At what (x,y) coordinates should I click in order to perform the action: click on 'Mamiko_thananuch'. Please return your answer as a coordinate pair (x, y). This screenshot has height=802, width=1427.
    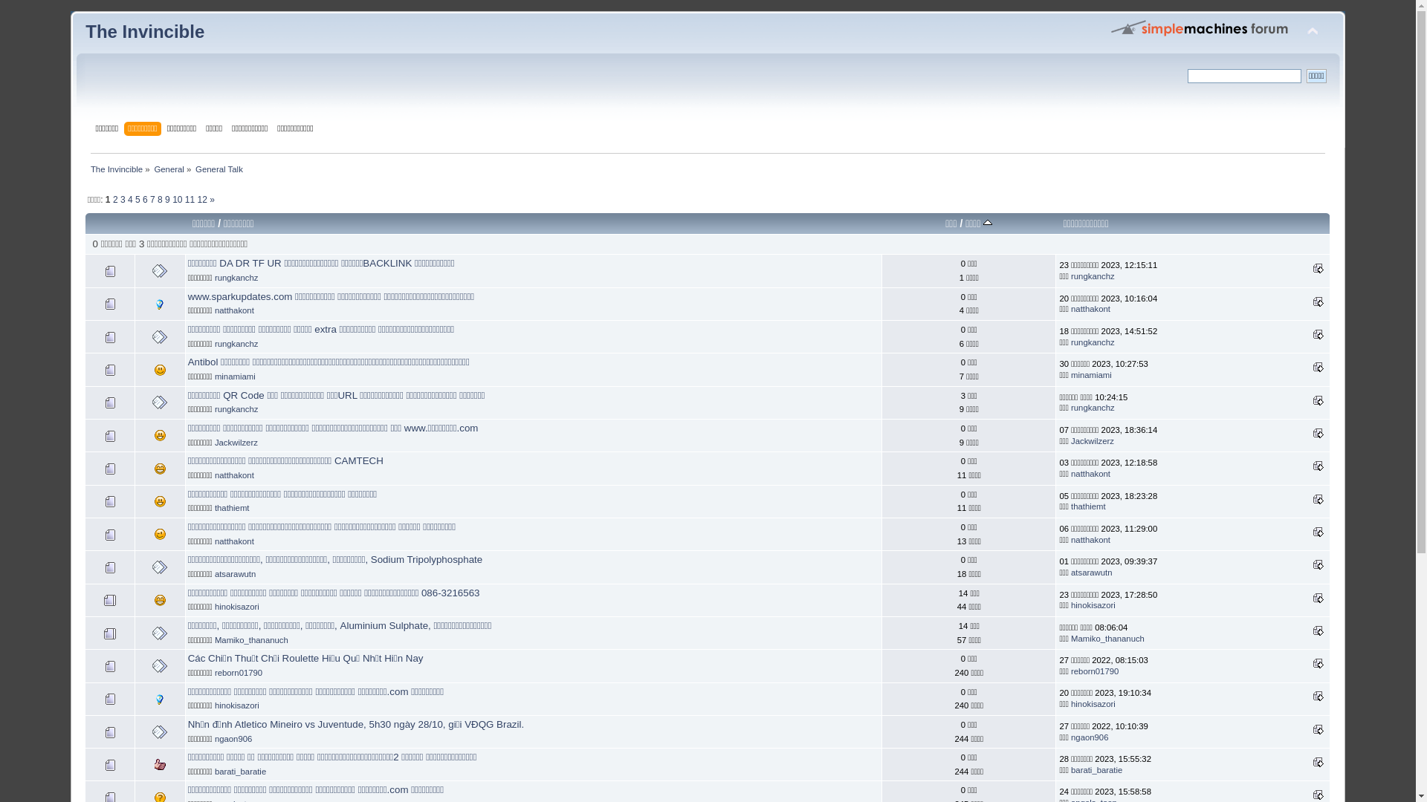
    Looking at the image, I should click on (251, 639).